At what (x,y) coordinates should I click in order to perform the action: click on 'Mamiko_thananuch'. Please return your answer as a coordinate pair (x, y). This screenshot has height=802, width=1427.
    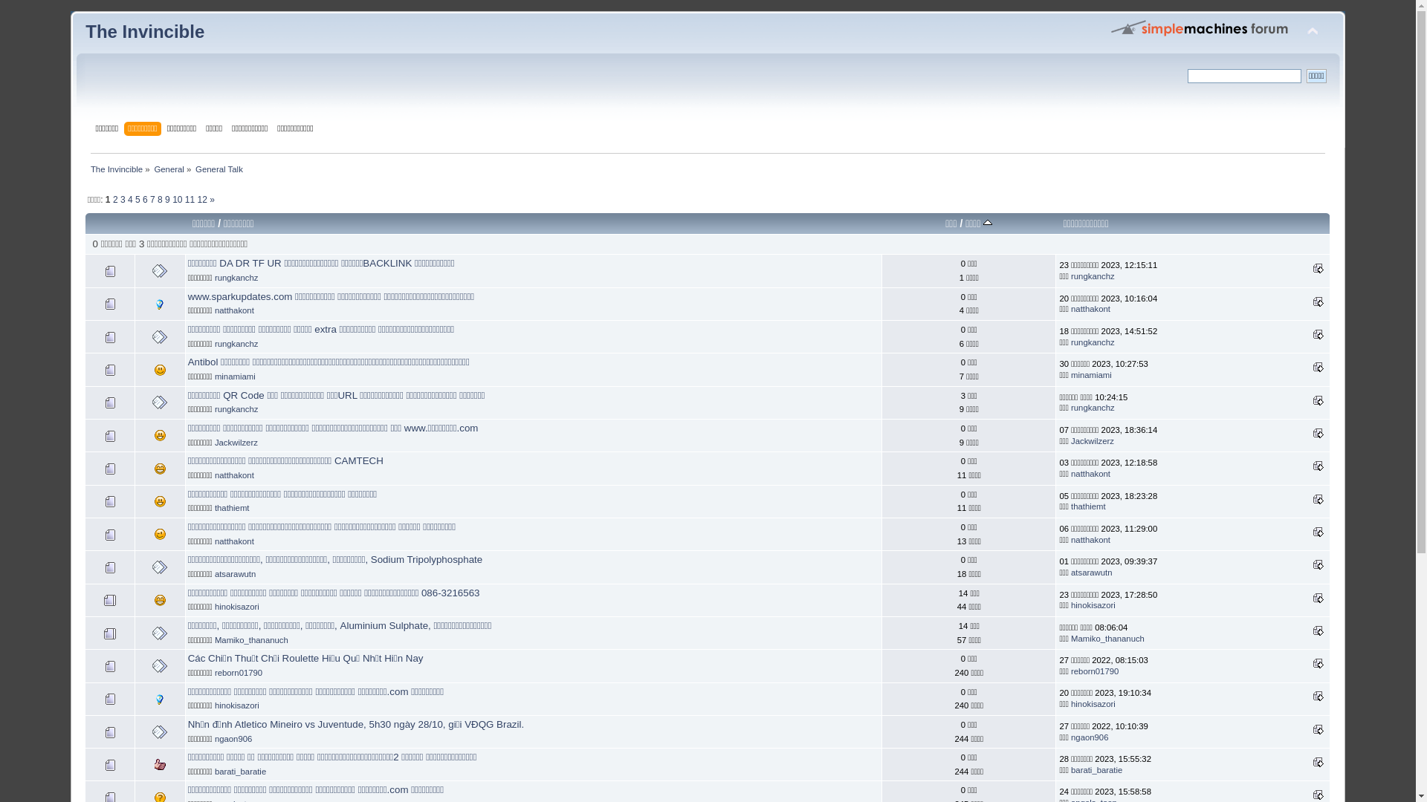
    Looking at the image, I should click on (251, 639).